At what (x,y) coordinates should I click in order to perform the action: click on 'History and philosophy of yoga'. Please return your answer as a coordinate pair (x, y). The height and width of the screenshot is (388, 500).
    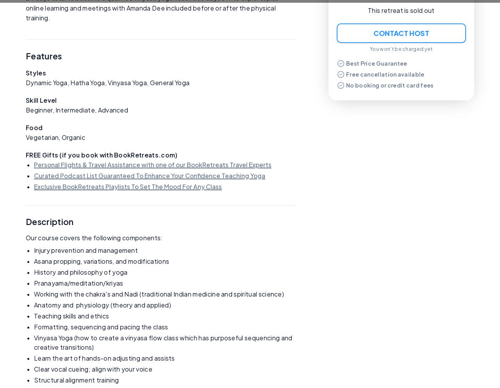
    Looking at the image, I should click on (80, 271).